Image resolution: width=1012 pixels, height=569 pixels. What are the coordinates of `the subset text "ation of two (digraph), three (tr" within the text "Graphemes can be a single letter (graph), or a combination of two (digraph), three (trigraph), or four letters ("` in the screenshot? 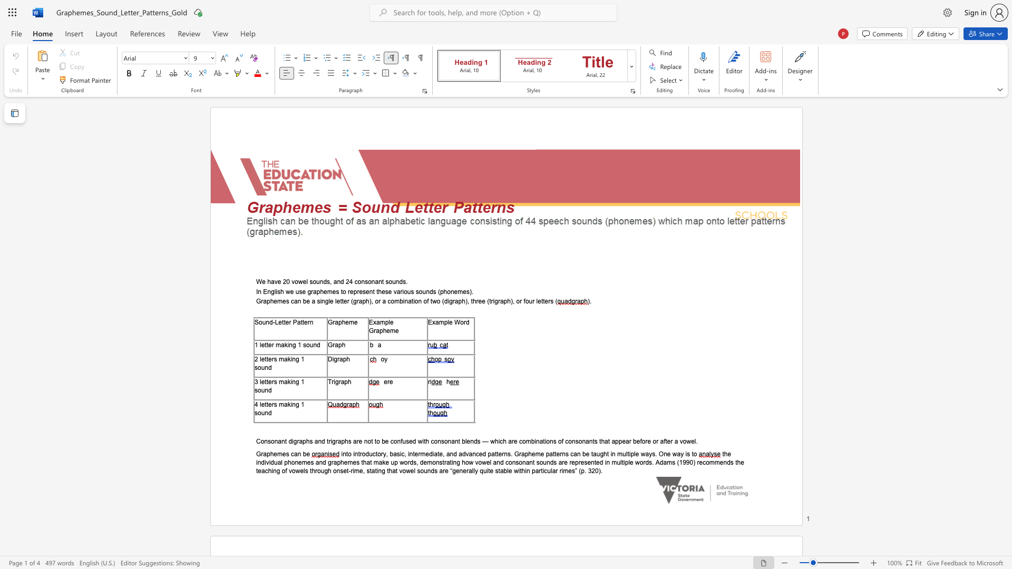 It's located at (407, 301).